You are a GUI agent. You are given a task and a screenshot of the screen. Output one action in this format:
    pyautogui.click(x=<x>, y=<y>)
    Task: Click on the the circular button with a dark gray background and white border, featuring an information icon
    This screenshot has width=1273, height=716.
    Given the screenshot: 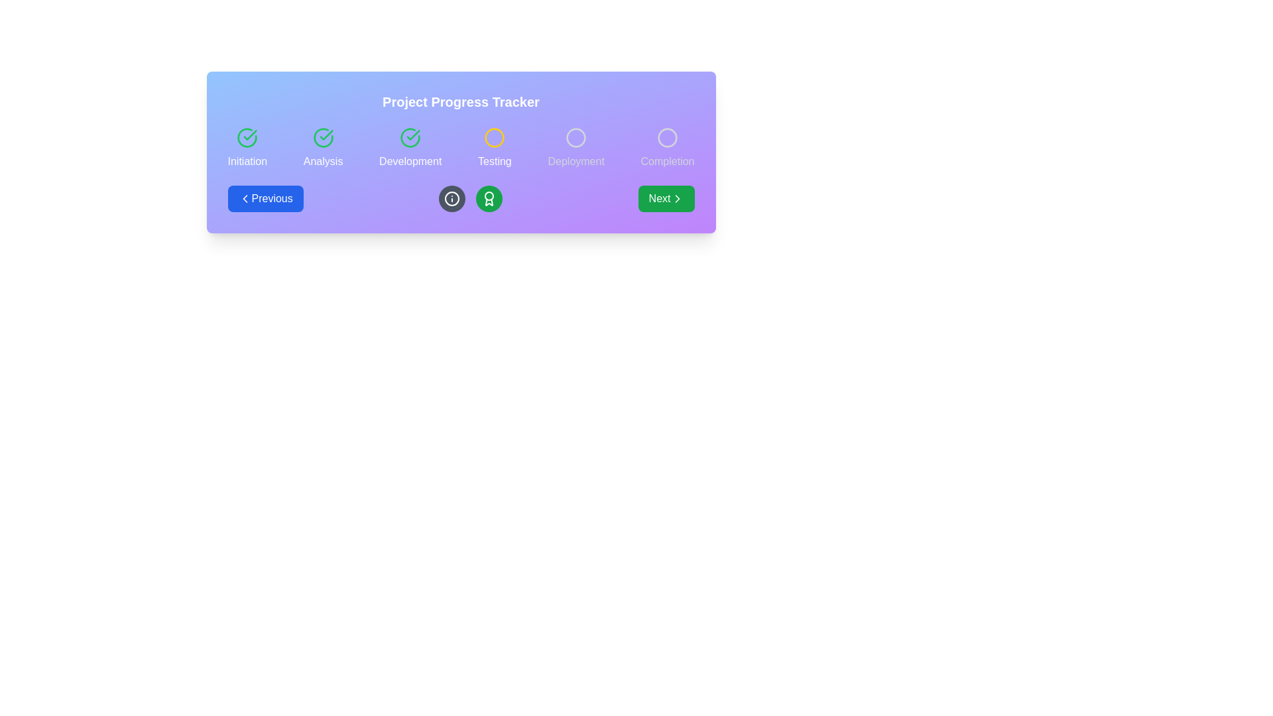 What is the action you would take?
    pyautogui.click(x=452, y=199)
    